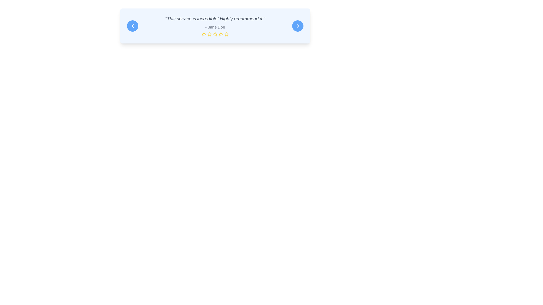 Image resolution: width=543 pixels, height=305 pixels. I want to click on the second star icon in the horizontal row of five star icons, so click(214, 34).